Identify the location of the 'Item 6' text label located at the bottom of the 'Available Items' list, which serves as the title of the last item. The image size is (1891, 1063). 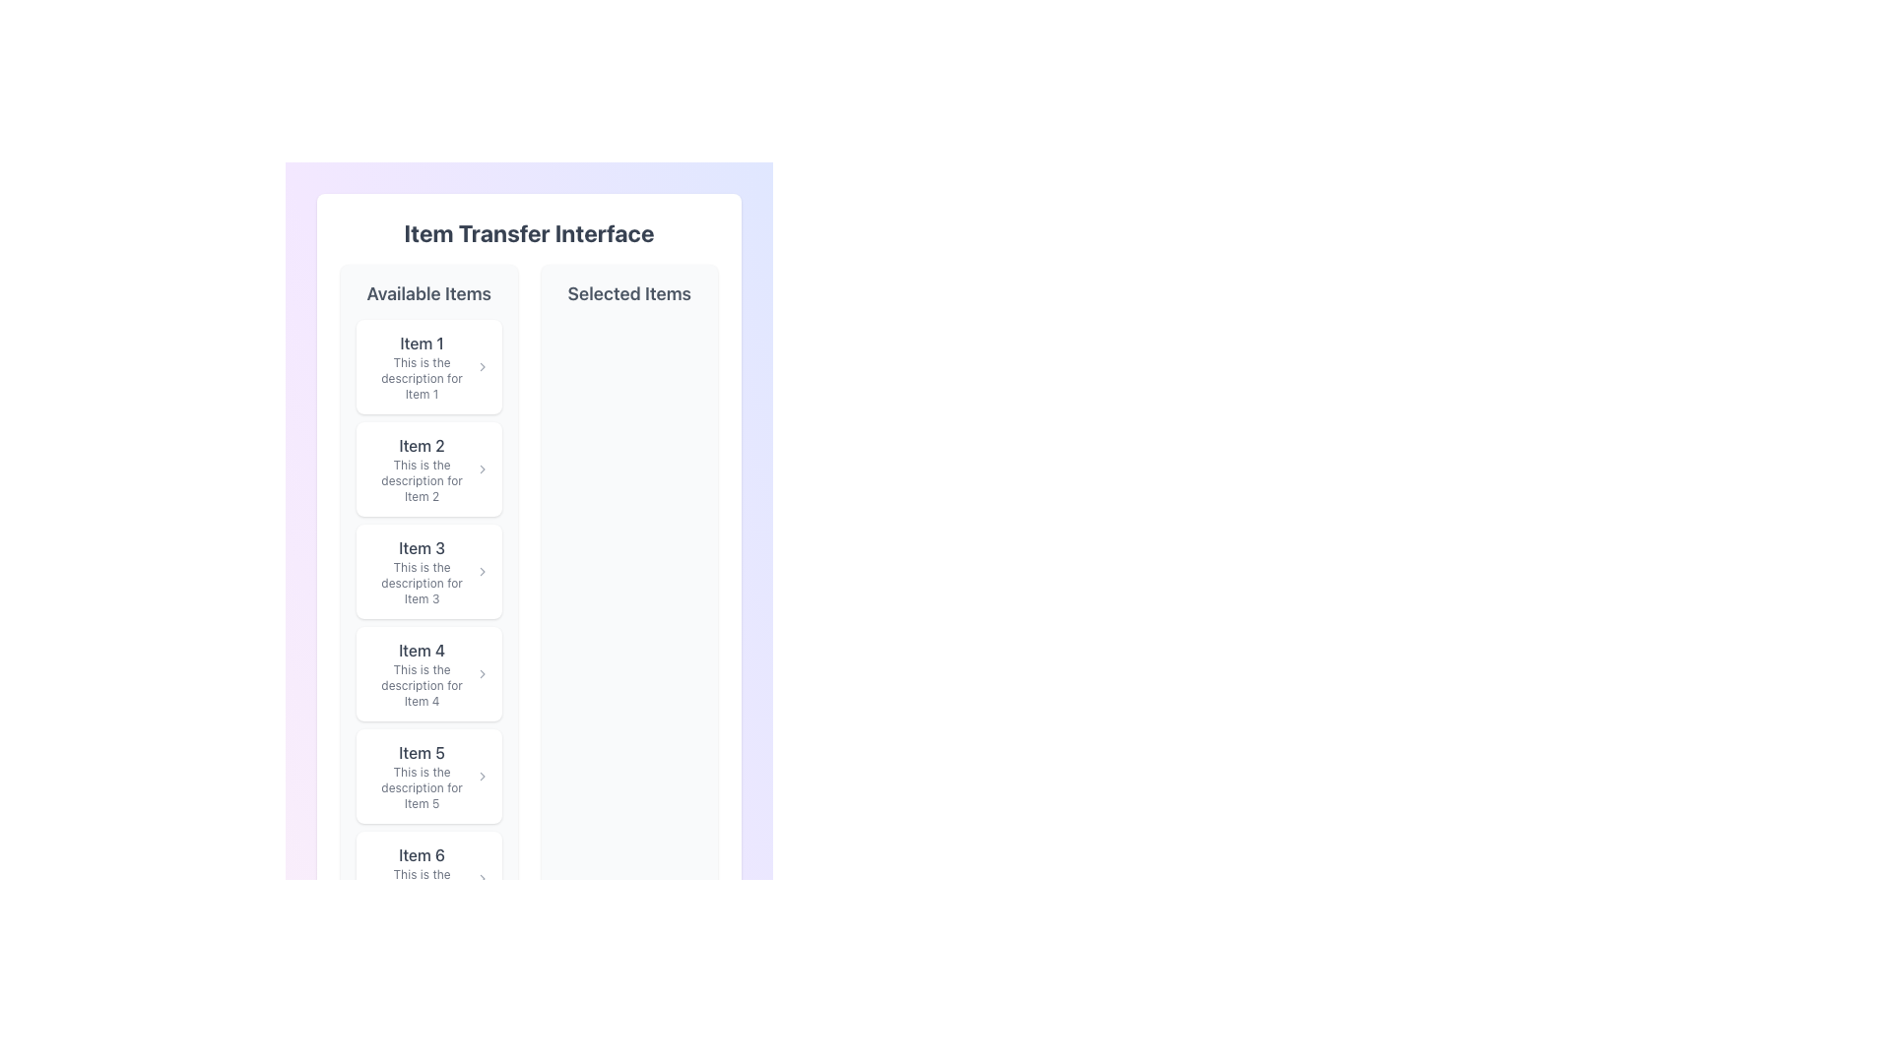
(421, 853).